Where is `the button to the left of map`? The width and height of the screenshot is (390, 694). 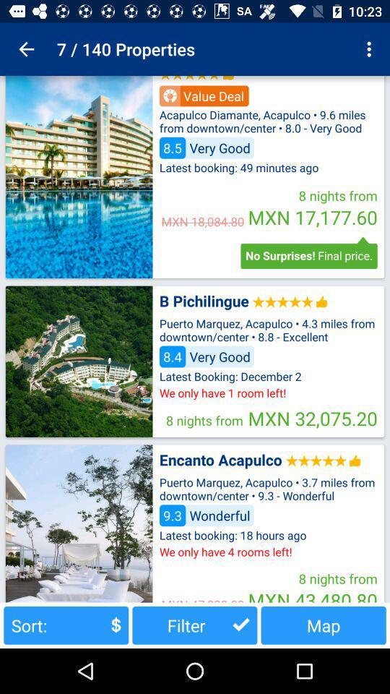 the button to the left of map is located at coordinates (194, 625).